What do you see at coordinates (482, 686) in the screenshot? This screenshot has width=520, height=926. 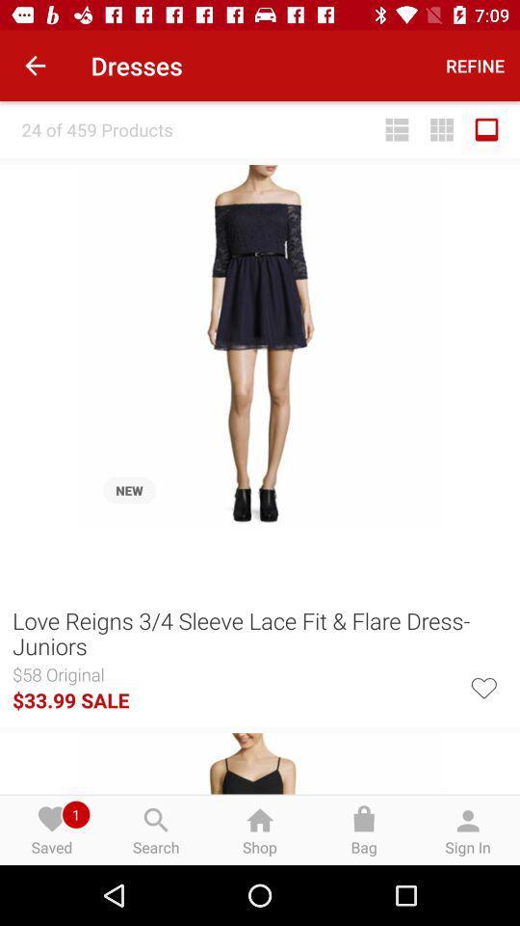 I see `to saved list` at bounding box center [482, 686].